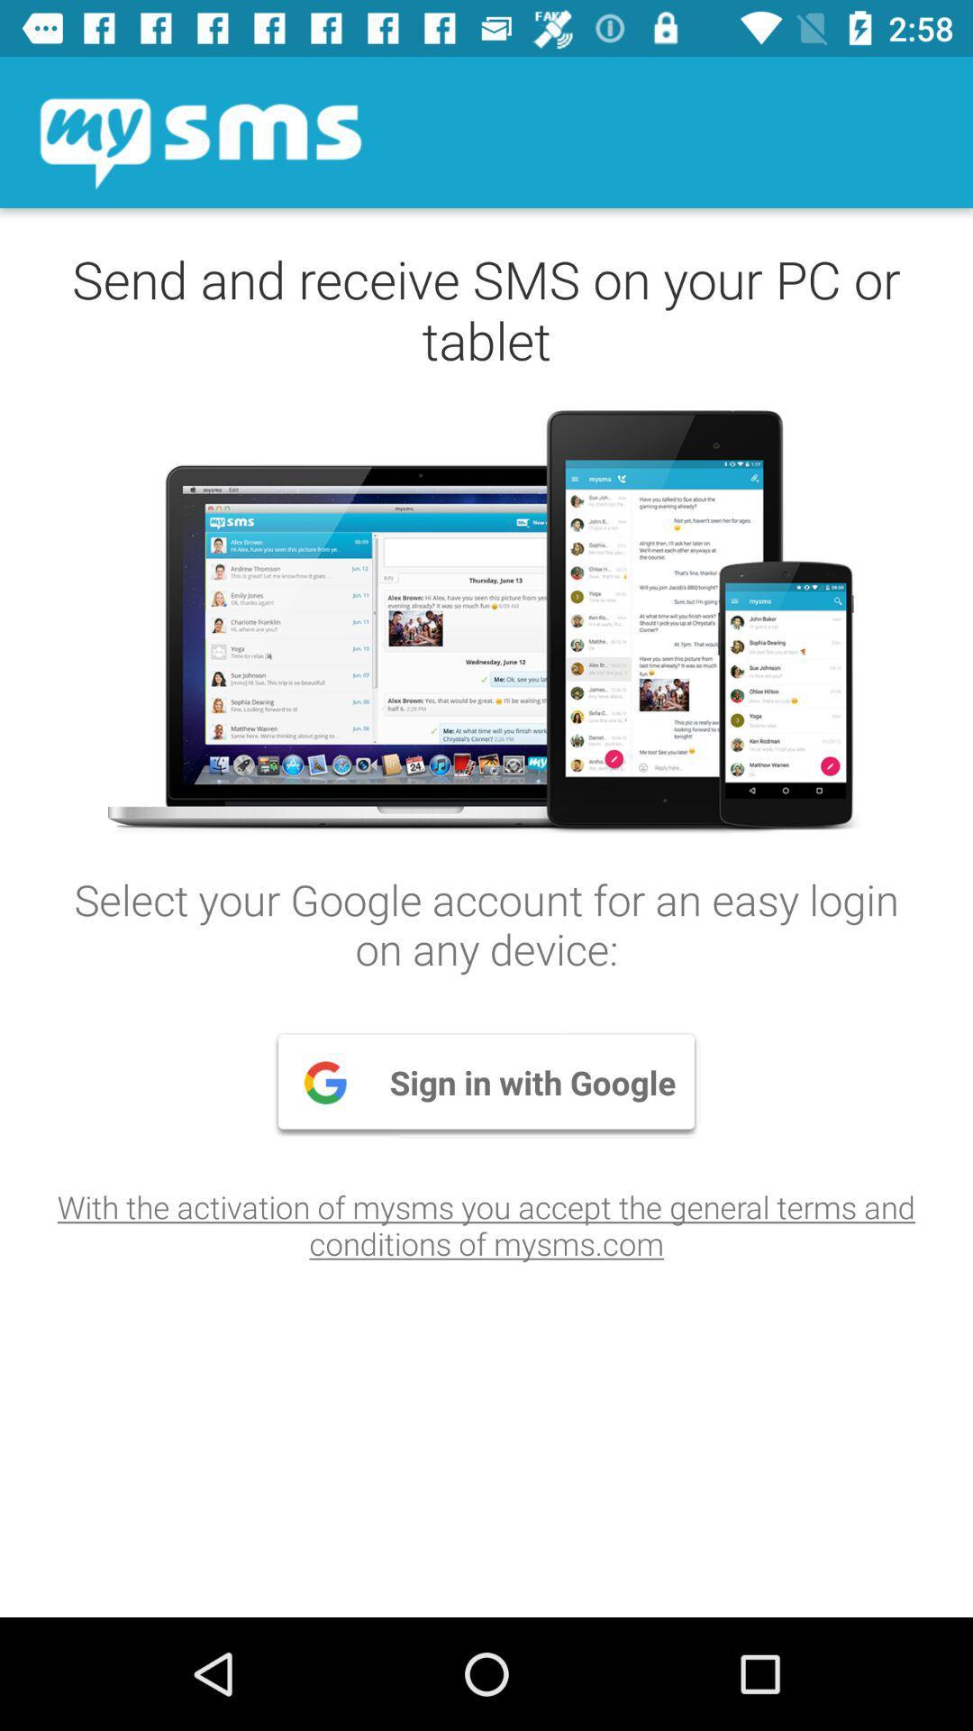 This screenshot has width=973, height=1731. What do you see at coordinates (486, 1224) in the screenshot?
I see `with the activation` at bounding box center [486, 1224].